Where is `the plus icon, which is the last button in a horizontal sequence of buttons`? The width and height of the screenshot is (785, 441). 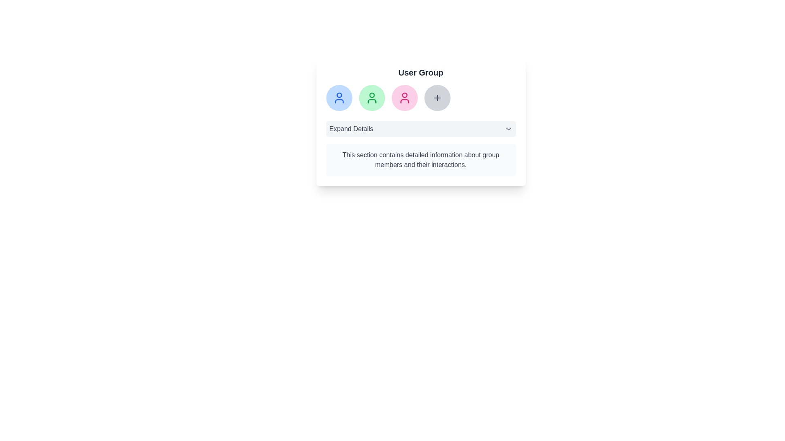 the plus icon, which is the last button in a horizontal sequence of buttons is located at coordinates (437, 97).